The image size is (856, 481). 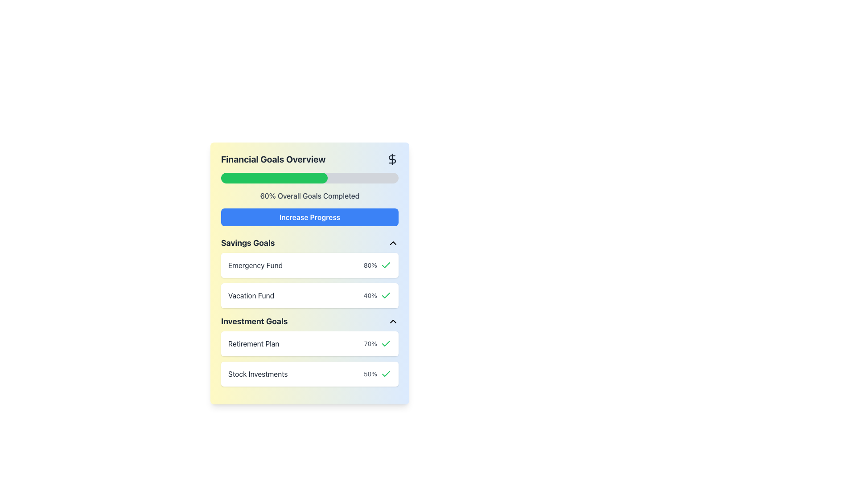 What do you see at coordinates (386, 295) in the screenshot?
I see `the green checkmark icon representing a completed state, located to the right of the '40%' text in the 'Vacation Fund' row under the 'Savings Goals' heading` at bounding box center [386, 295].